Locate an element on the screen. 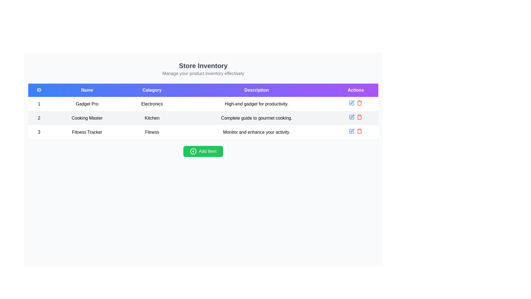 The height and width of the screenshot is (299, 531). the Text Label displaying the numeral '3' in bold, which is located in the first cell of the third row within the table, before the 'Fitness Tracker' text is located at coordinates (39, 132).